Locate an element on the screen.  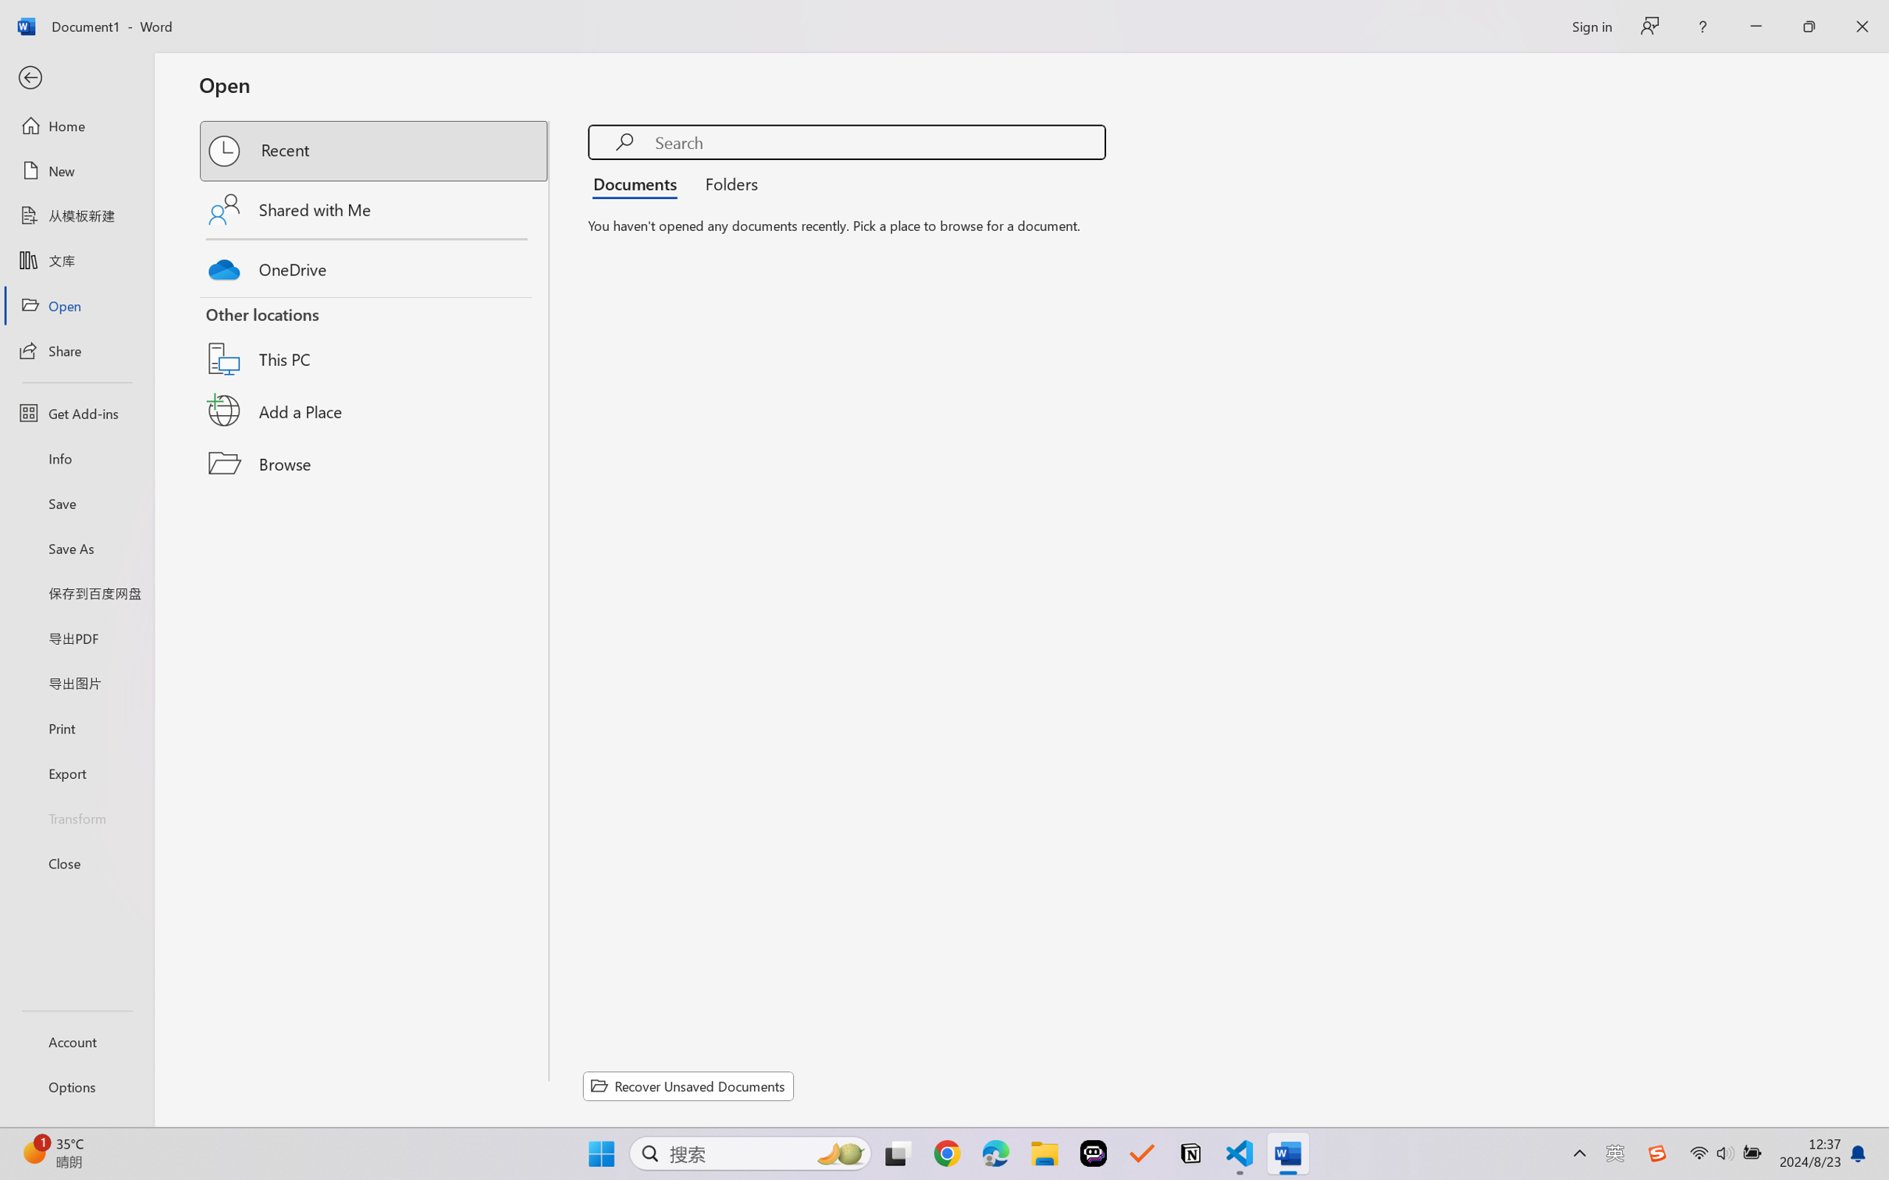
'Add a Place' is located at coordinates (375, 410).